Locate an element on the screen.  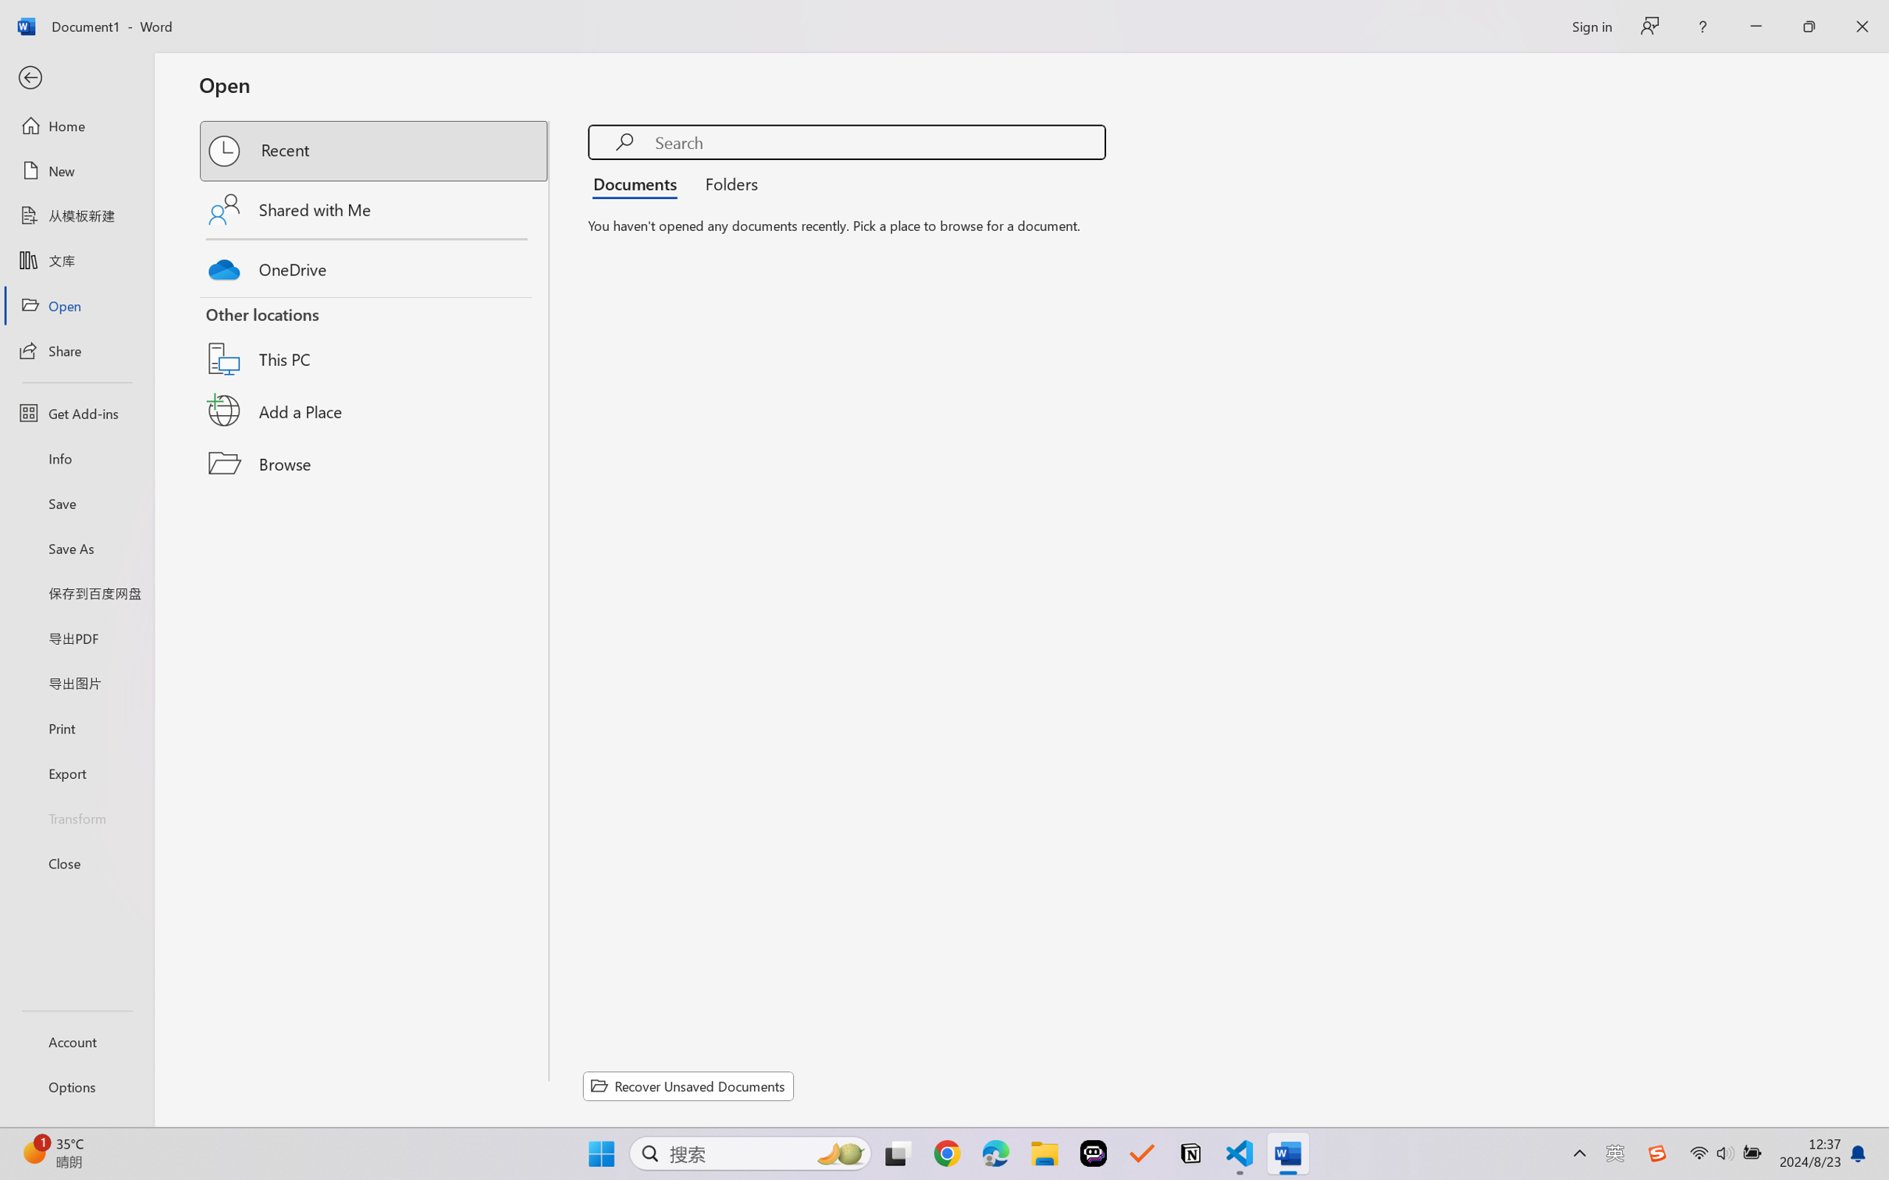
'Add a Place' is located at coordinates (375, 410).